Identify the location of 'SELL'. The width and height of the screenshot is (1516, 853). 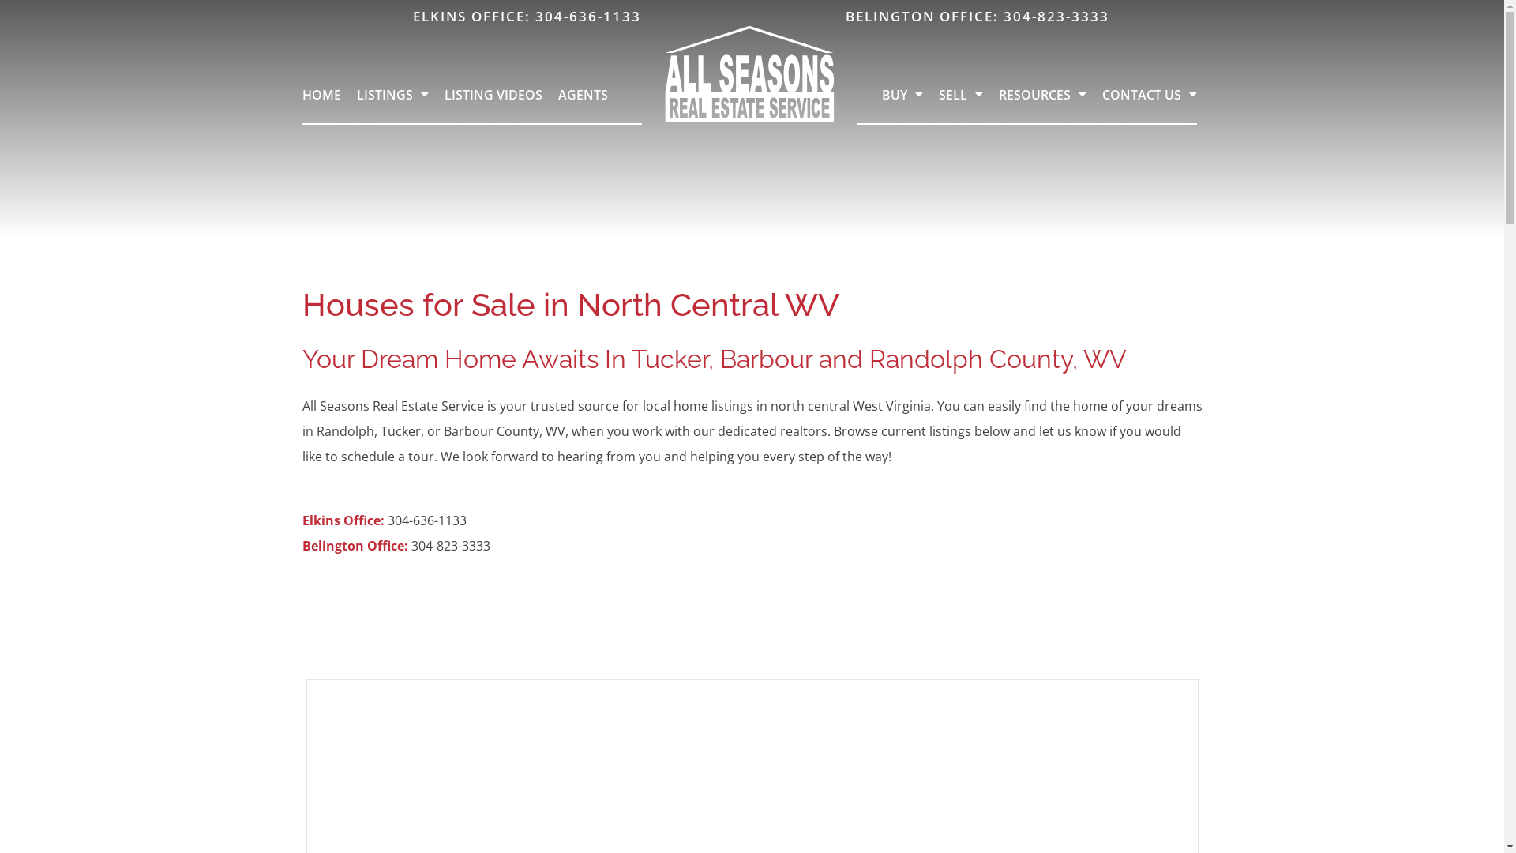
(960, 94).